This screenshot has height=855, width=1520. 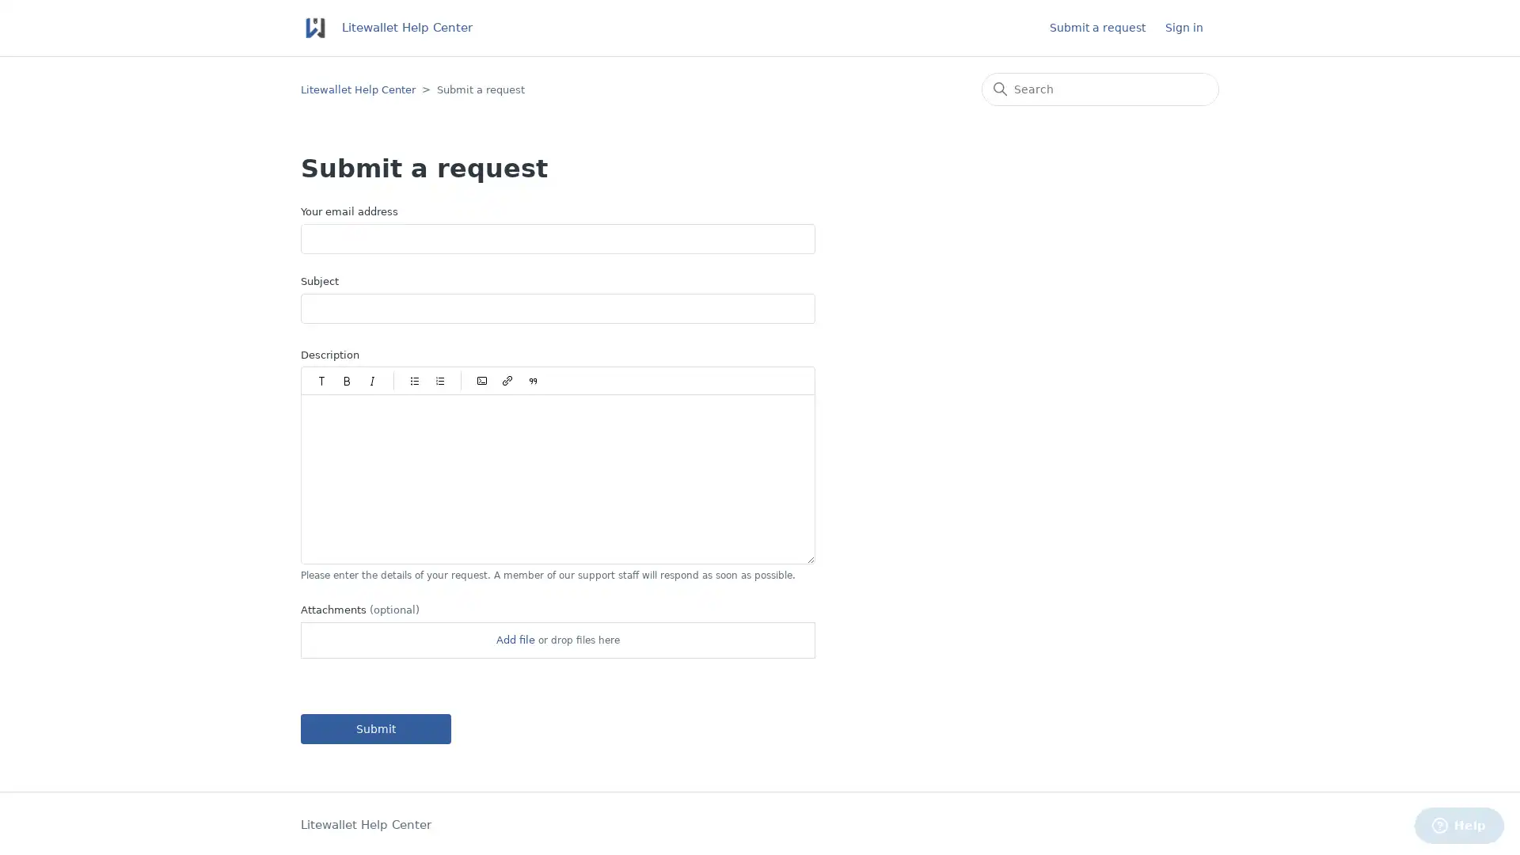 What do you see at coordinates (375, 728) in the screenshot?
I see `Submit` at bounding box center [375, 728].